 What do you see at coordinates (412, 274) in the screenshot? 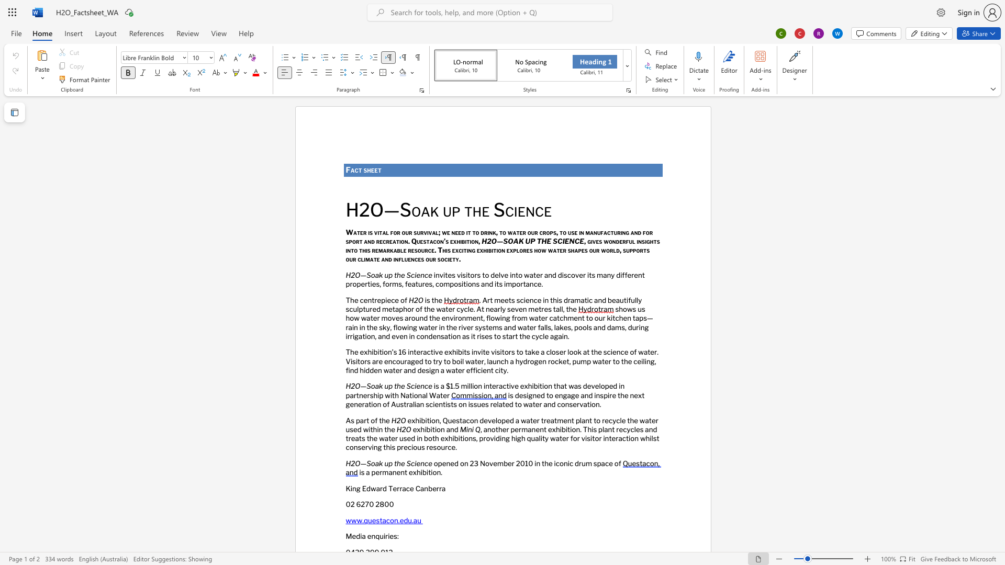
I see `the 1th character "c" in the text` at bounding box center [412, 274].